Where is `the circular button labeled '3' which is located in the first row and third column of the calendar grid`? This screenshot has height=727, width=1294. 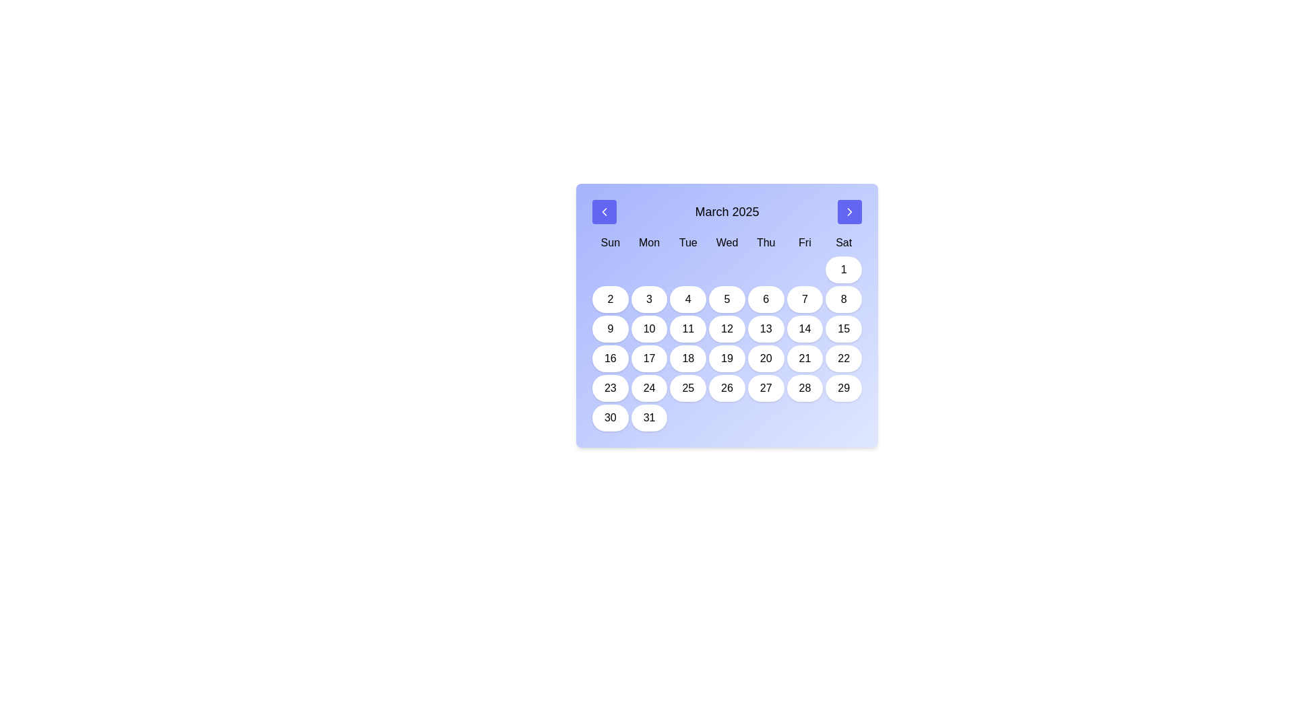 the circular button labeled '3' which is located in the first row and third column of the calendar grid is located at coordinates (649, 298).